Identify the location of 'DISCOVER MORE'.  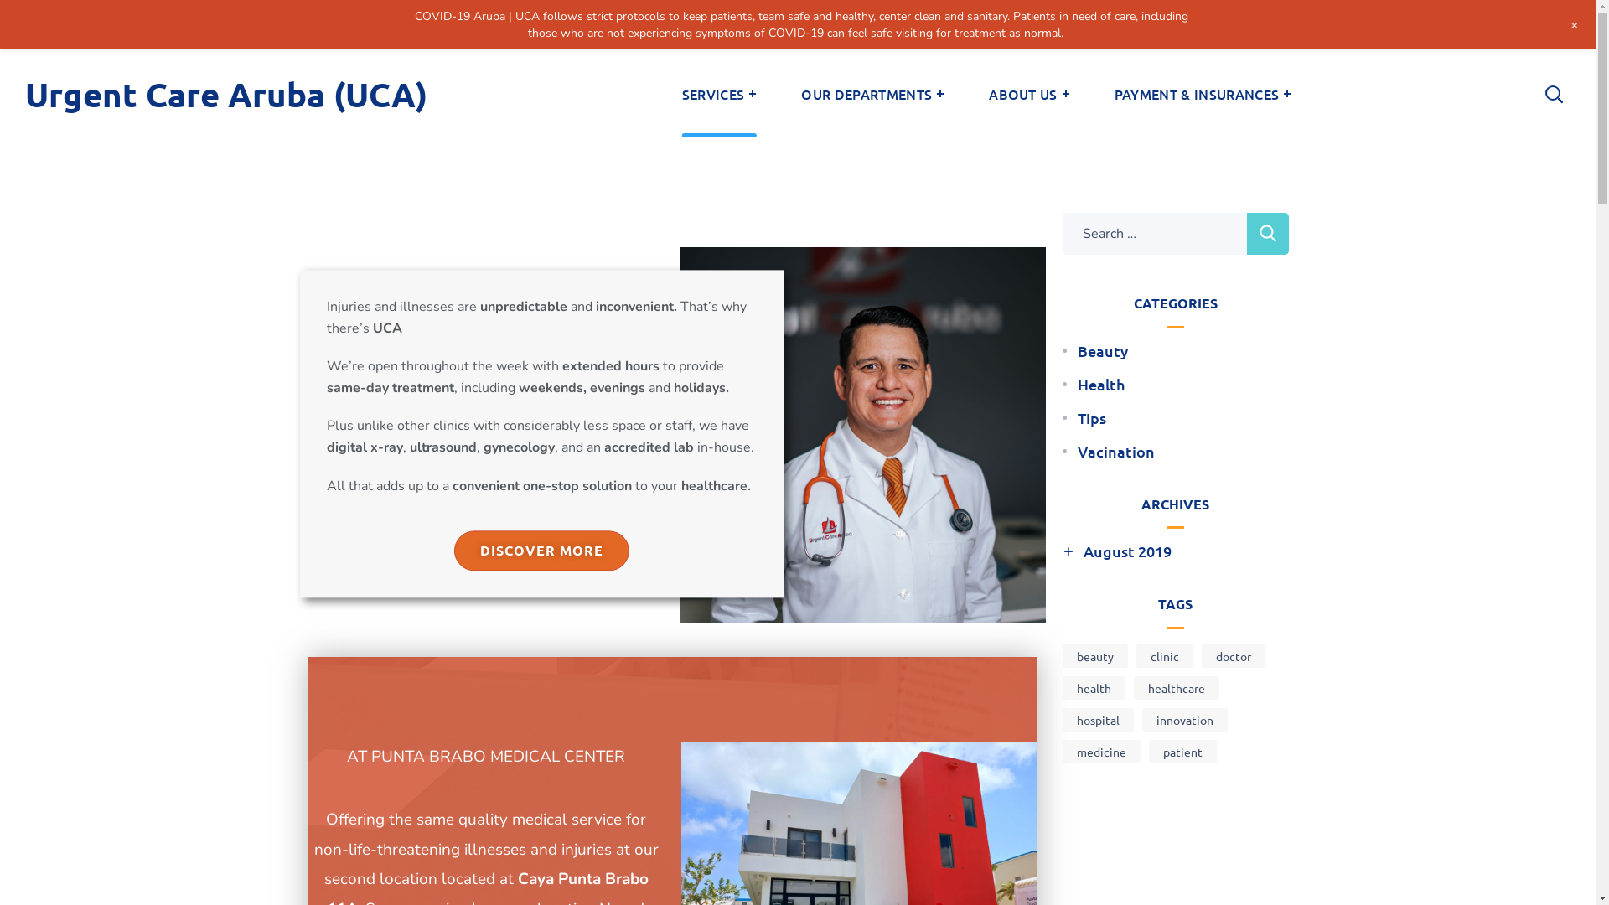
(541, 551).